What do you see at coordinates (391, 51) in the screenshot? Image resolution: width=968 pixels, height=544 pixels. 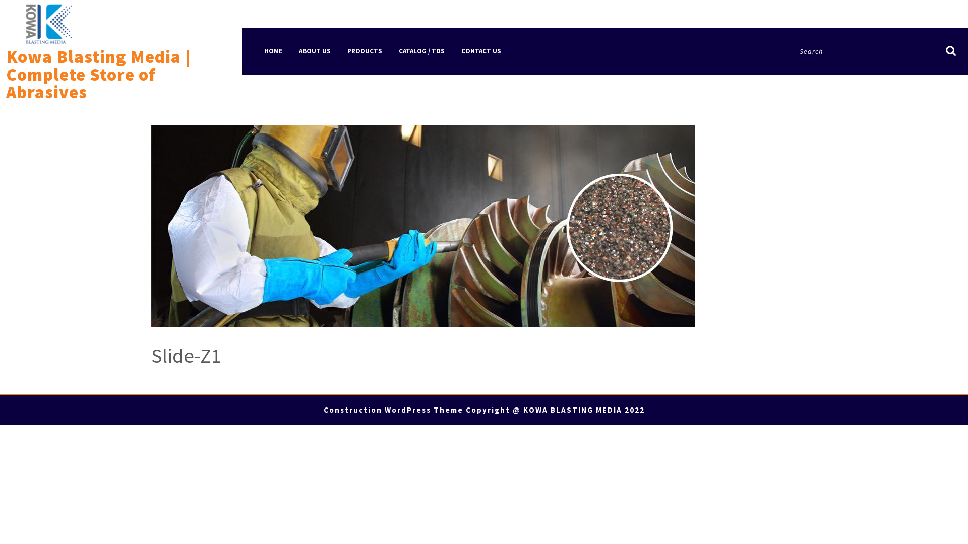 I see `'CATALOG / TDS'` at bounding box center [391, 51].